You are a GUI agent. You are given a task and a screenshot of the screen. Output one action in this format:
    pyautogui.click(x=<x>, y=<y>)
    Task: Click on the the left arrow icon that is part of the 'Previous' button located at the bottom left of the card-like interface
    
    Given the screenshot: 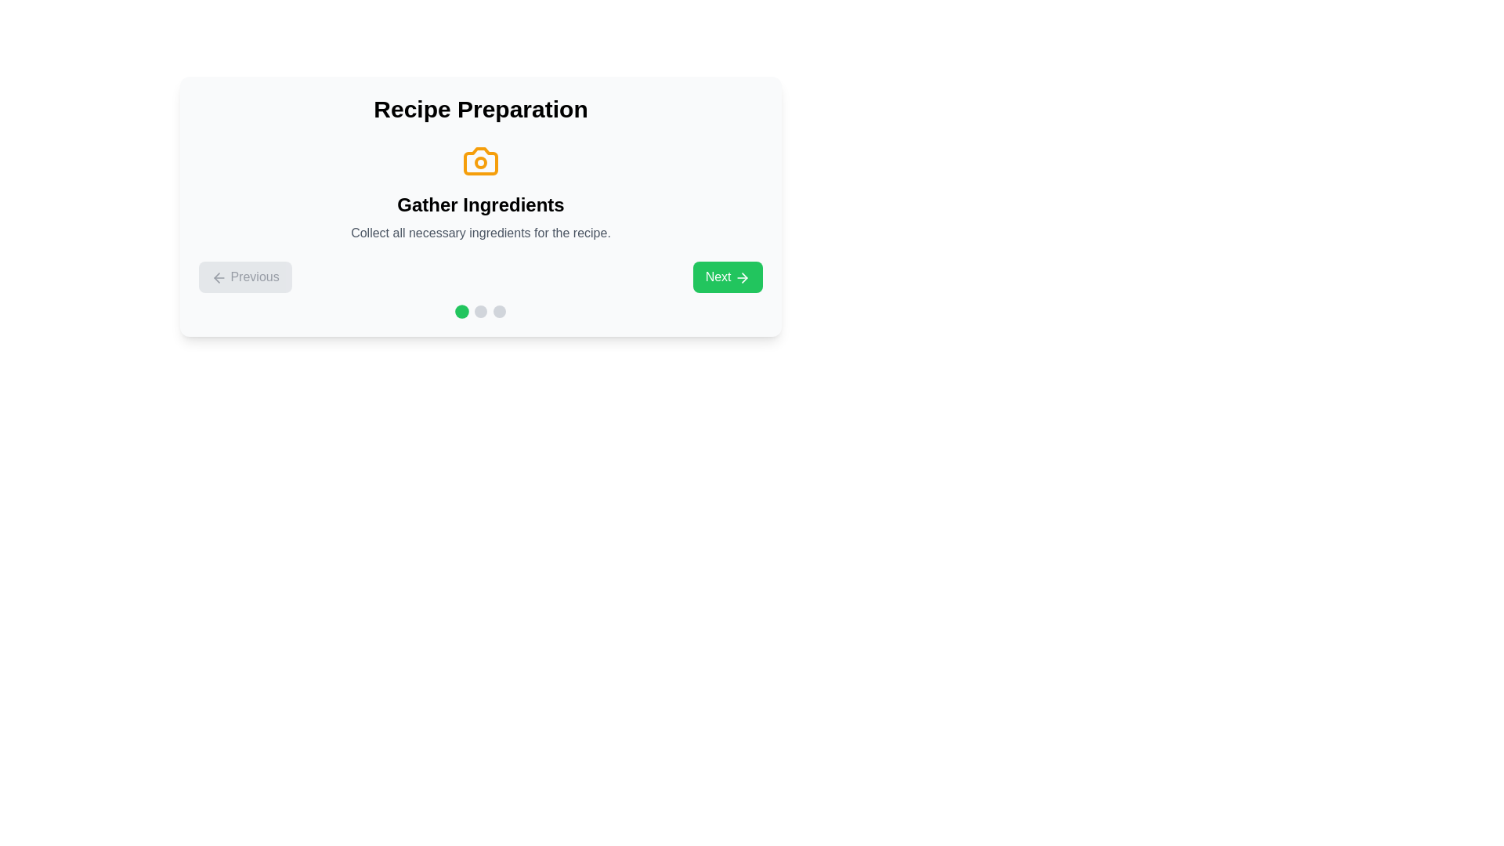 What is the action you would take?
    pyautogui.click(x=216, y=277)
    